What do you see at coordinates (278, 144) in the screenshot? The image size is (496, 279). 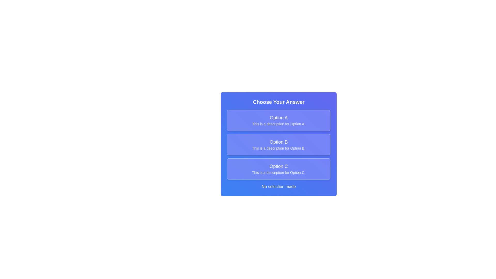 I see `the 'Option B' button, which is the second button in a vertically stacked group of options` at bounding box center [278, 144].